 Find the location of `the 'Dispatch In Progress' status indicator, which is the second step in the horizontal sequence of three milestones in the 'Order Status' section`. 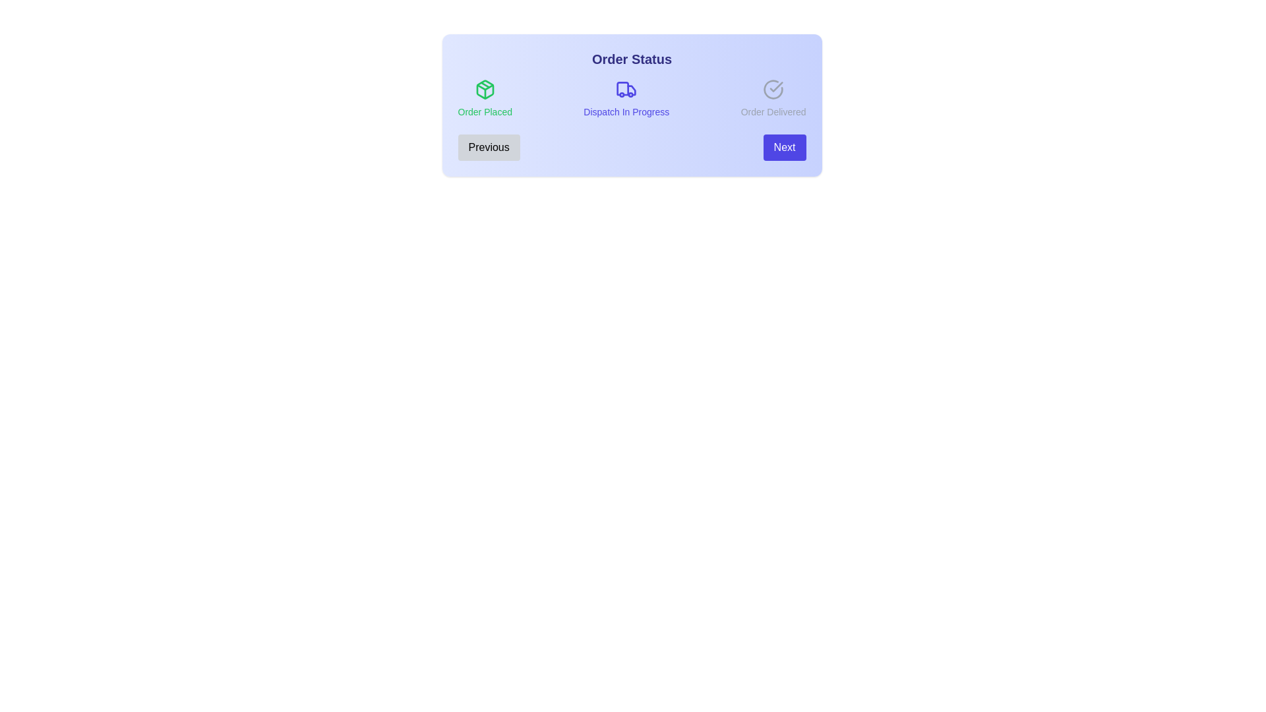

the 'Dispatch In Progress' status indicator, which is the second step in the horizontal sequence of three milestones in the 'Order Status' section is located at coordinates (626, 98).